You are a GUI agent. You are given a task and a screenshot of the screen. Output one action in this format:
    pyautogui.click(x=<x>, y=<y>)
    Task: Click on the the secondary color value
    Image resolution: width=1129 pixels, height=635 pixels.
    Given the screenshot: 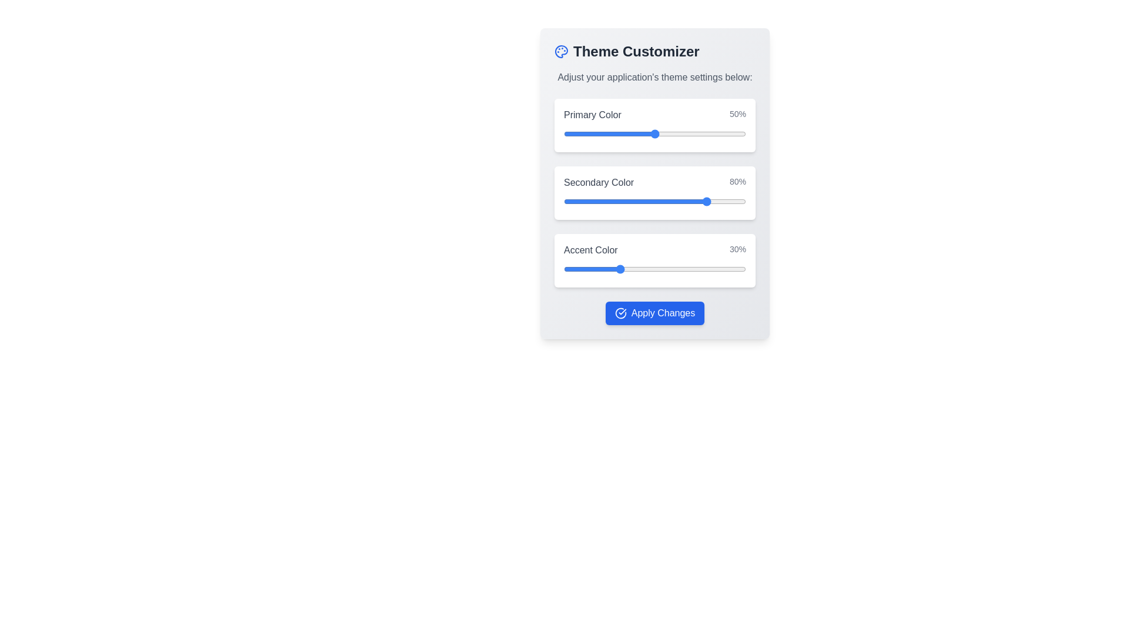 What is the action you would take?
    pyautogui.click(x=722, y=201)
    